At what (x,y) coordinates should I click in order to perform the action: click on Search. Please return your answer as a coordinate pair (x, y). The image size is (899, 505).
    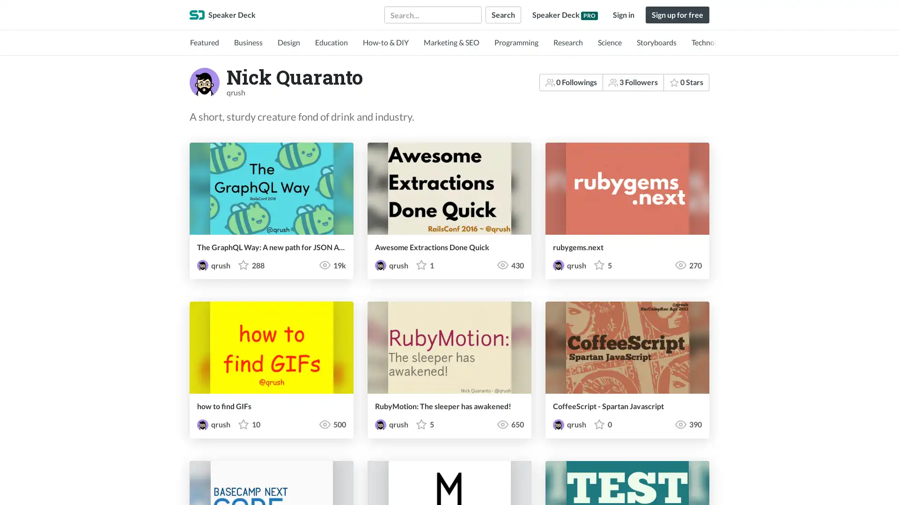
    Looking at the image, I should click on (503, 14).